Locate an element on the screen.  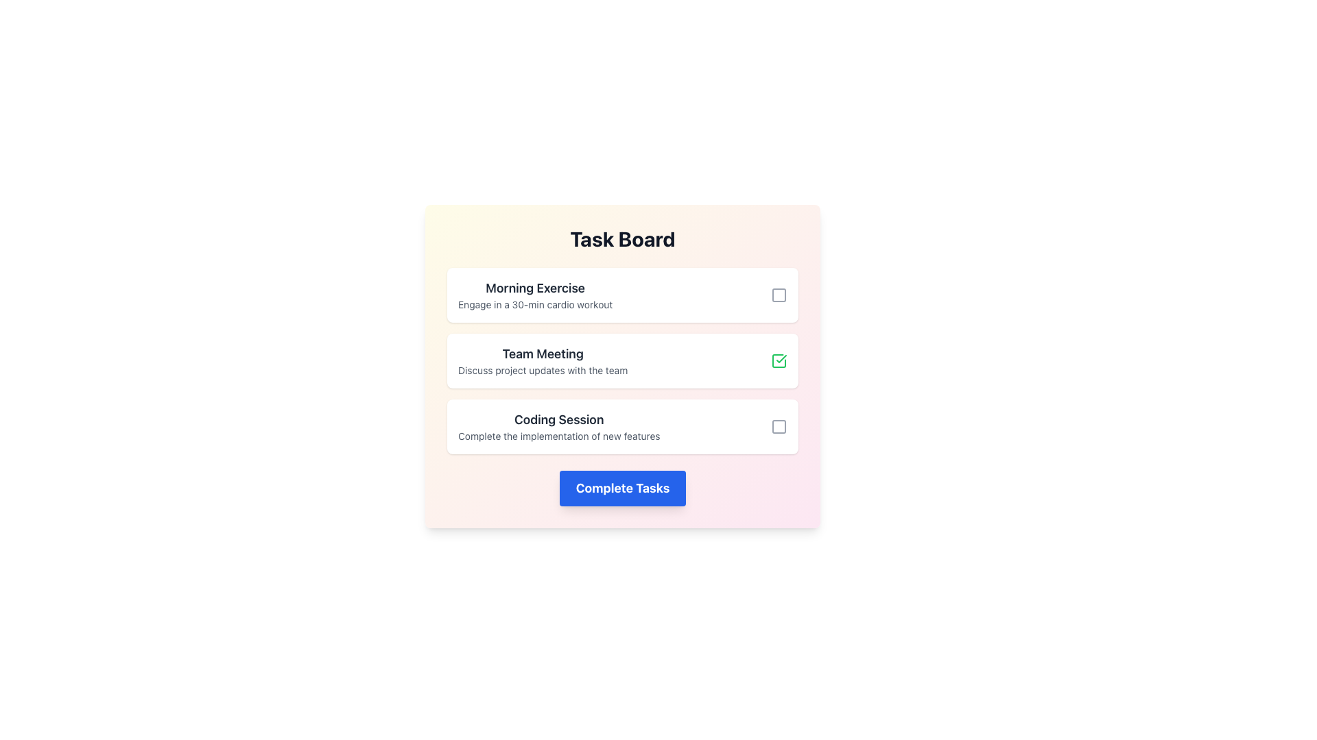
the 'Coding Session' Text Label is located at coordinates (559, 426).